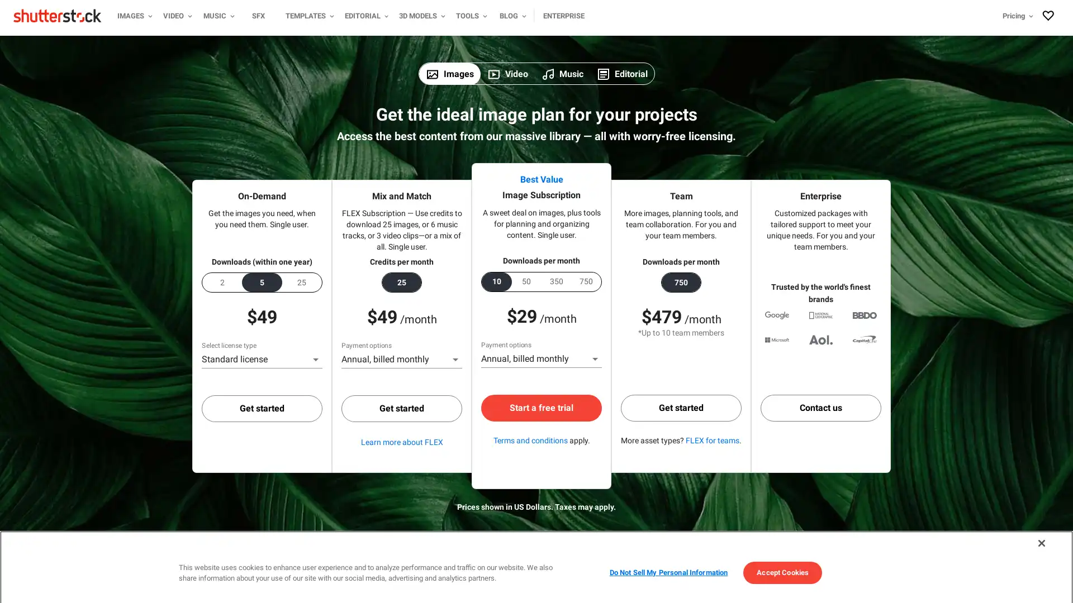 This screenshot has width=1073, height=603. What do you see at coordinates (364, 15) in the screenshot?
I see `Editorial` at bounding box center [364, 15].